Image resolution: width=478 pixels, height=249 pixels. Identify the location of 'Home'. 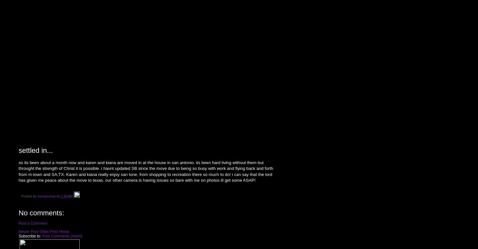
(64, 231).